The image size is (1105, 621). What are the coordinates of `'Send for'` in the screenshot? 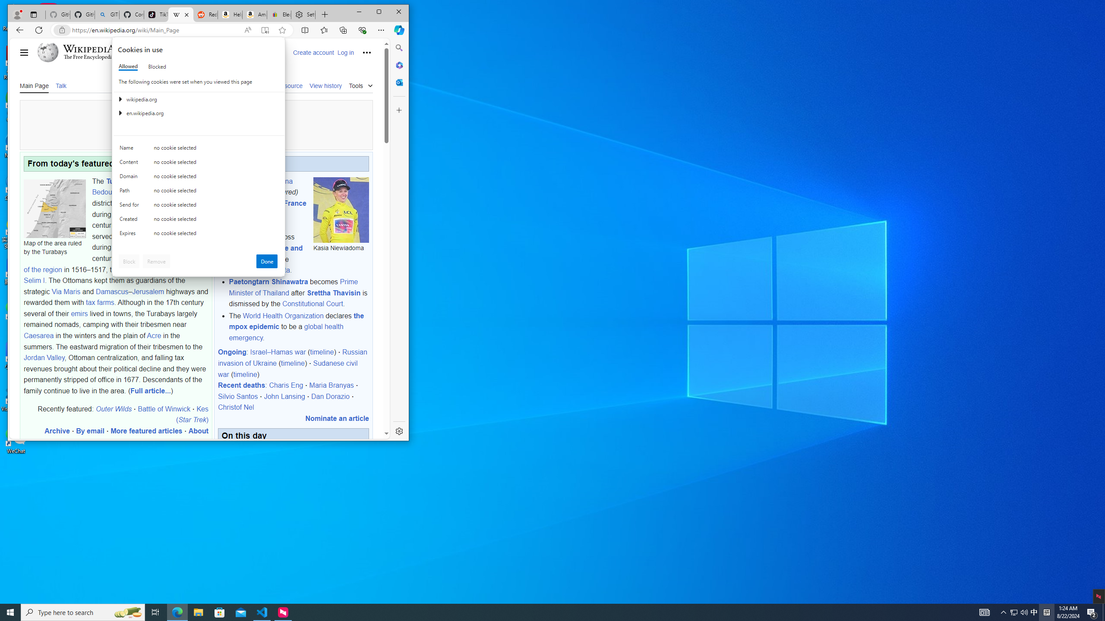 It's located at (130, 206).